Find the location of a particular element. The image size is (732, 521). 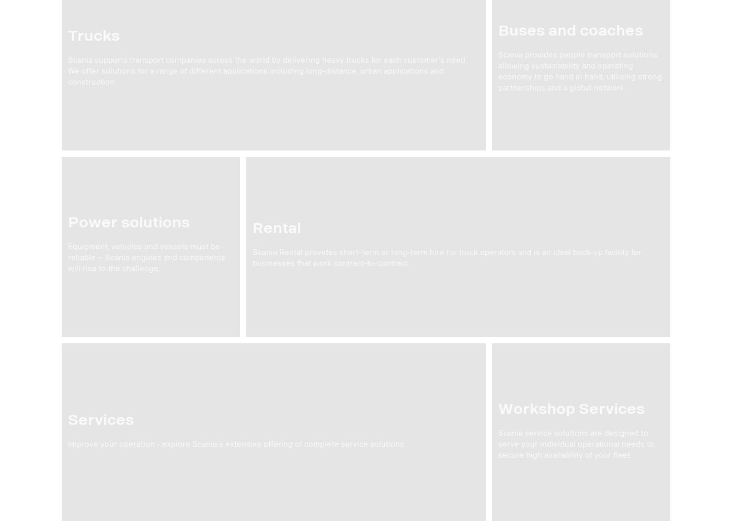

'Workshop Services' is located at coordinates (498, 408).